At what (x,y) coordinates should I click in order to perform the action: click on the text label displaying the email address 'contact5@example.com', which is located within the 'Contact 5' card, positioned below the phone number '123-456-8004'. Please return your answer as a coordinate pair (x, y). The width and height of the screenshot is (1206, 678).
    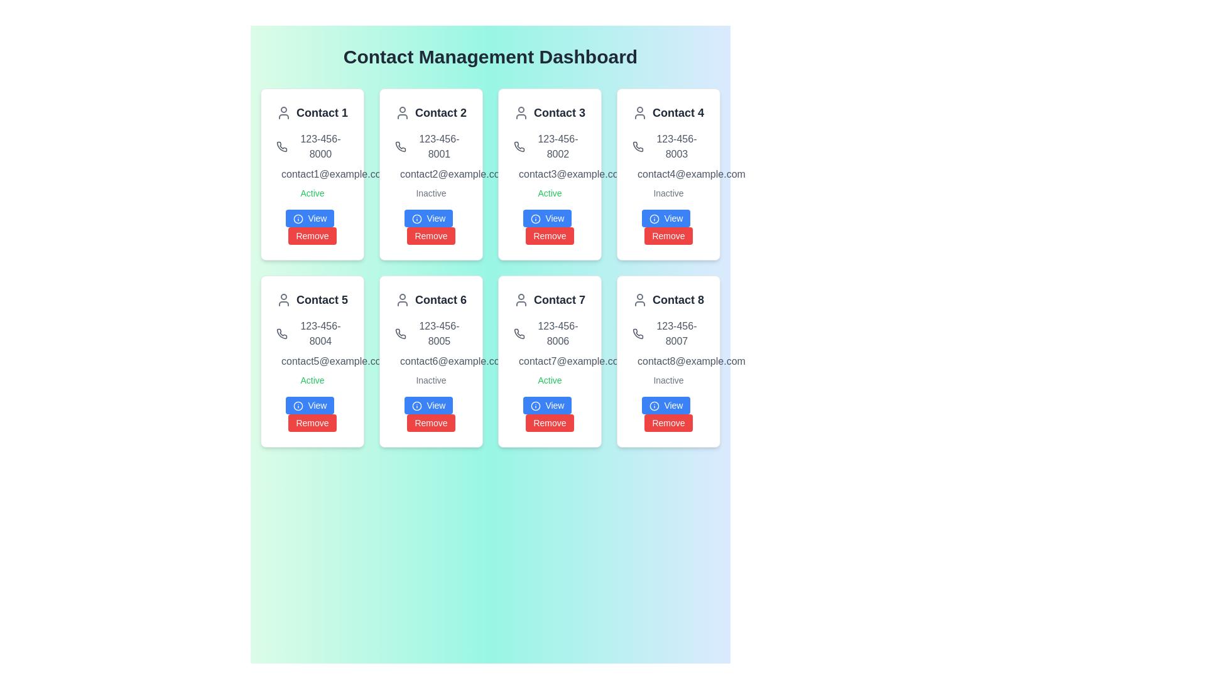
    Looking at the image, I should click on (312, 361).